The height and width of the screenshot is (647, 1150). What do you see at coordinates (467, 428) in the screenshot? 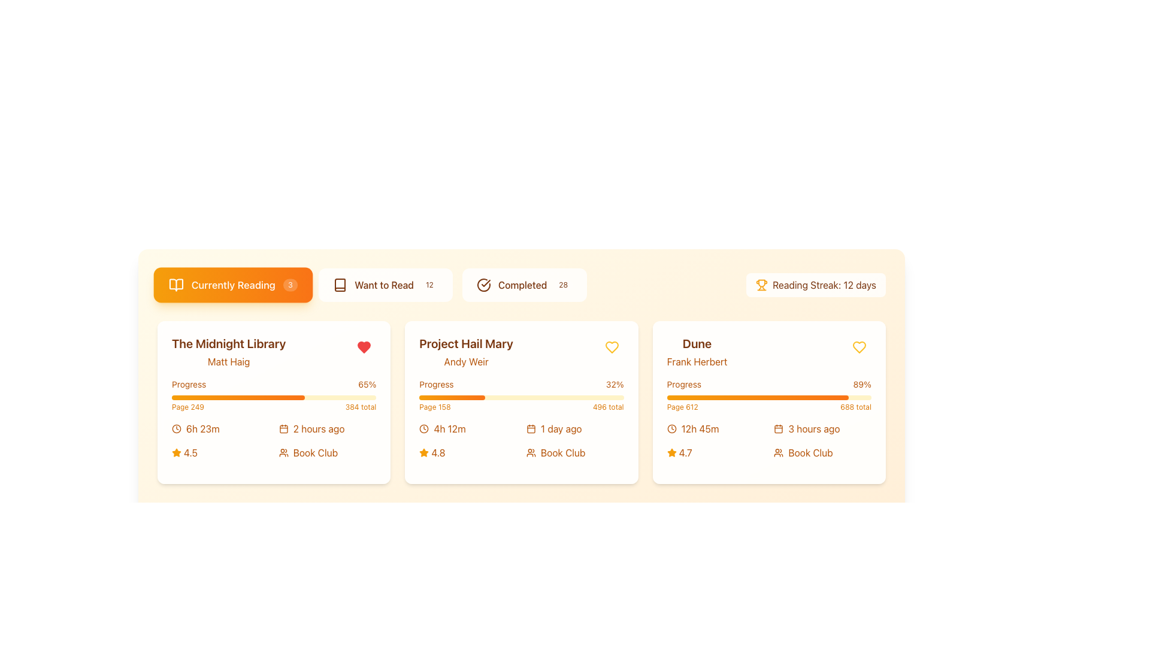
I see `the clock icon displaying the time duration '4h 12m' in amber color, located in the left-bottom section of the 'Project Hail Mary' card` at bounding box center [467, 428].